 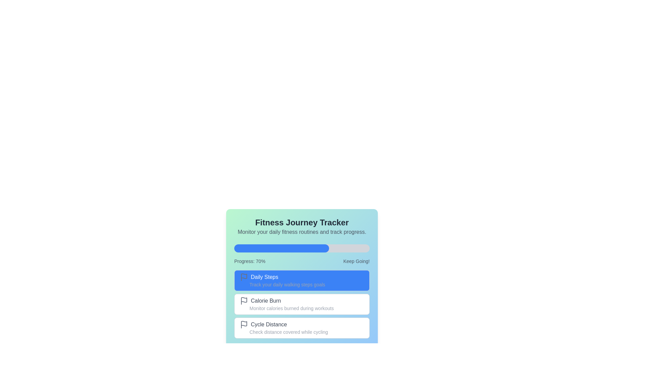 I want to click on text label displaying 'Daily Steps', which is located in the middle left of a blue rectangular background, so click(x=264, y=277).